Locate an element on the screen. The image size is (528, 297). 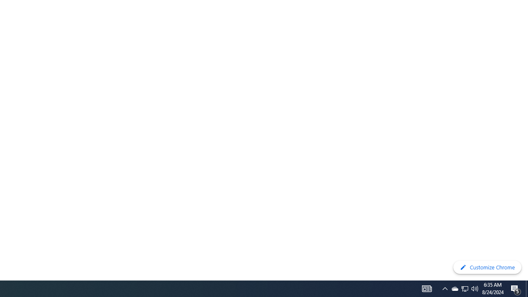
'Customize Chrome' is located at coordinates (487, 267).